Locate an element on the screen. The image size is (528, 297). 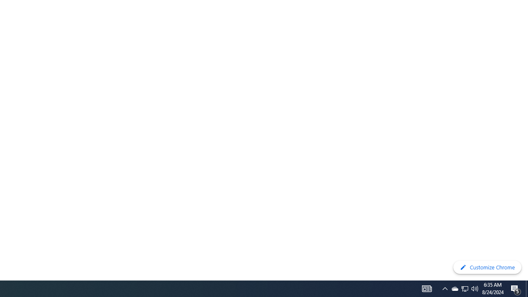
'Customize Chrome' is located at coordinates (487, 267).